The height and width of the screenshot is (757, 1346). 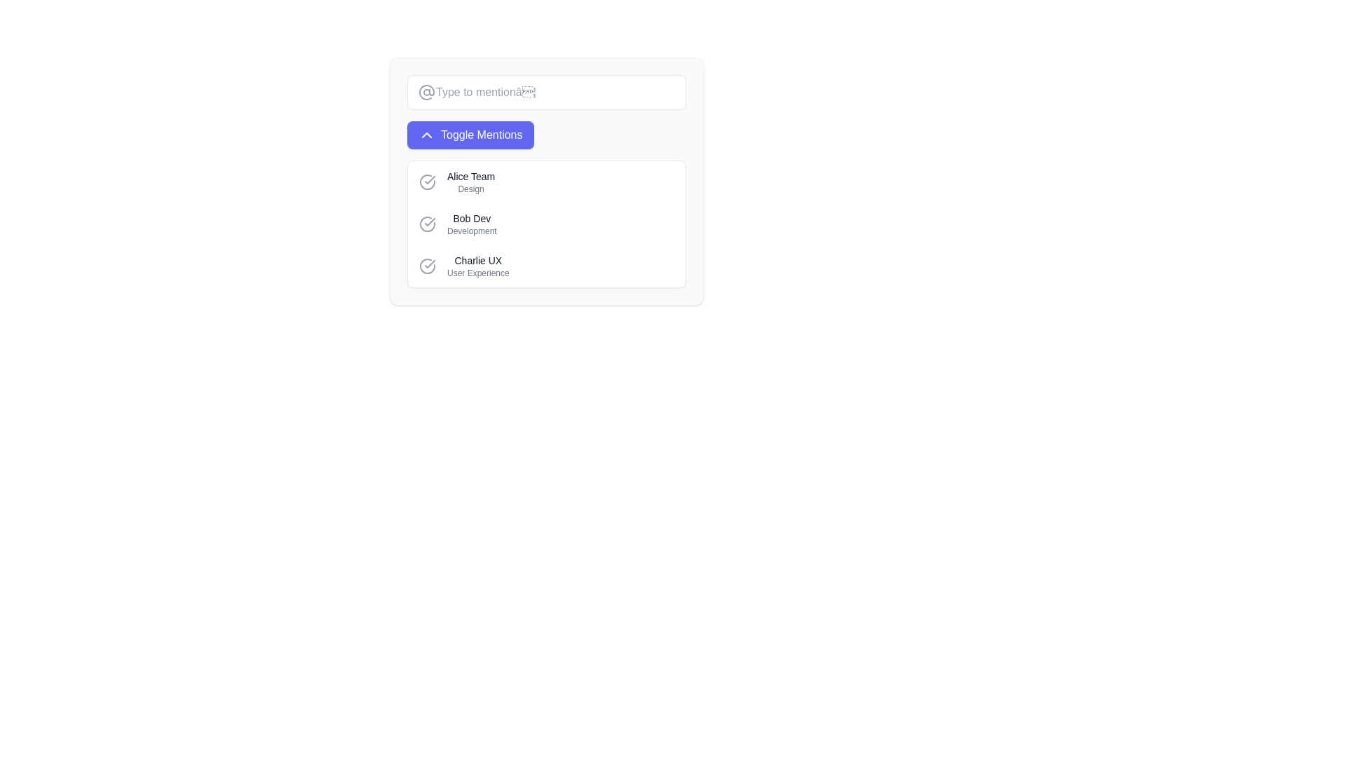 I want to click on the graphical indicator icon located to the left of the text 'Charlie UX', so click(x=426, y=266).